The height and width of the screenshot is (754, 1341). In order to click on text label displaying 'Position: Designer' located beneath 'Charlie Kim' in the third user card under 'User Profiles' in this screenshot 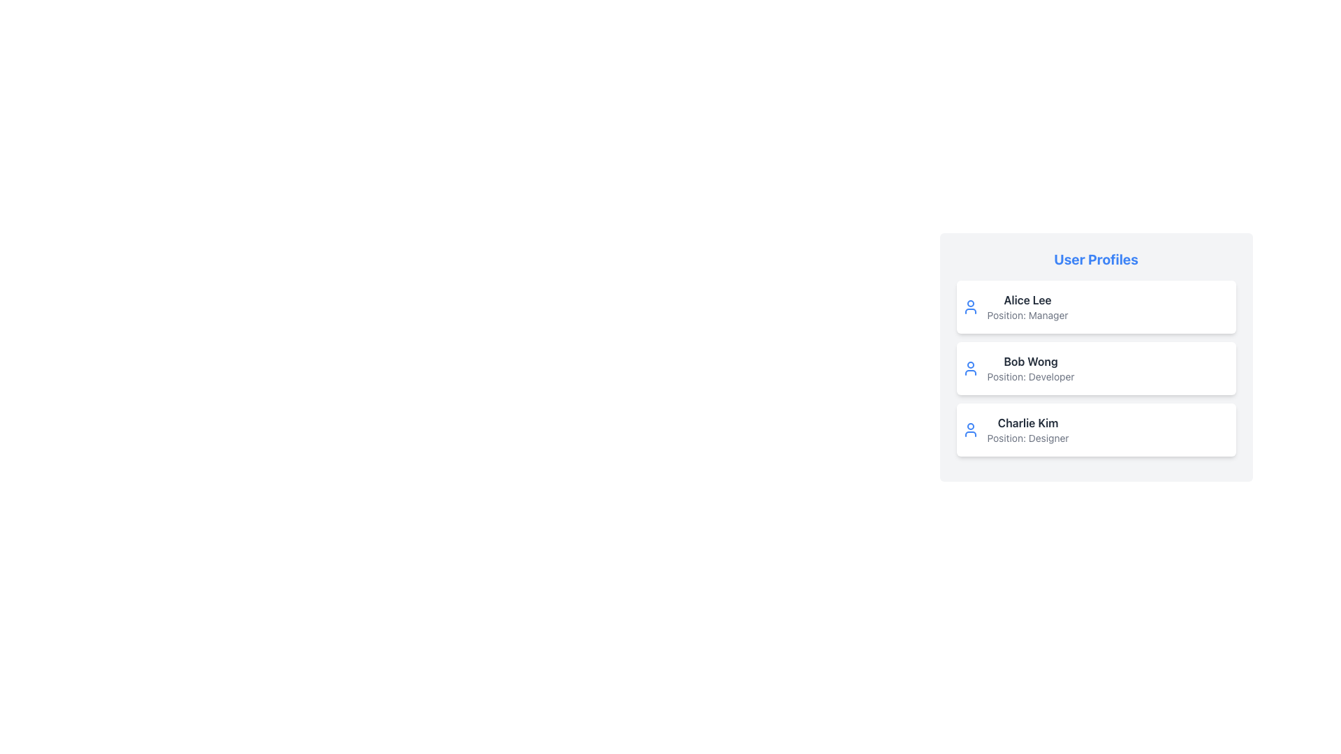, I will do `click(1028, 438)`.